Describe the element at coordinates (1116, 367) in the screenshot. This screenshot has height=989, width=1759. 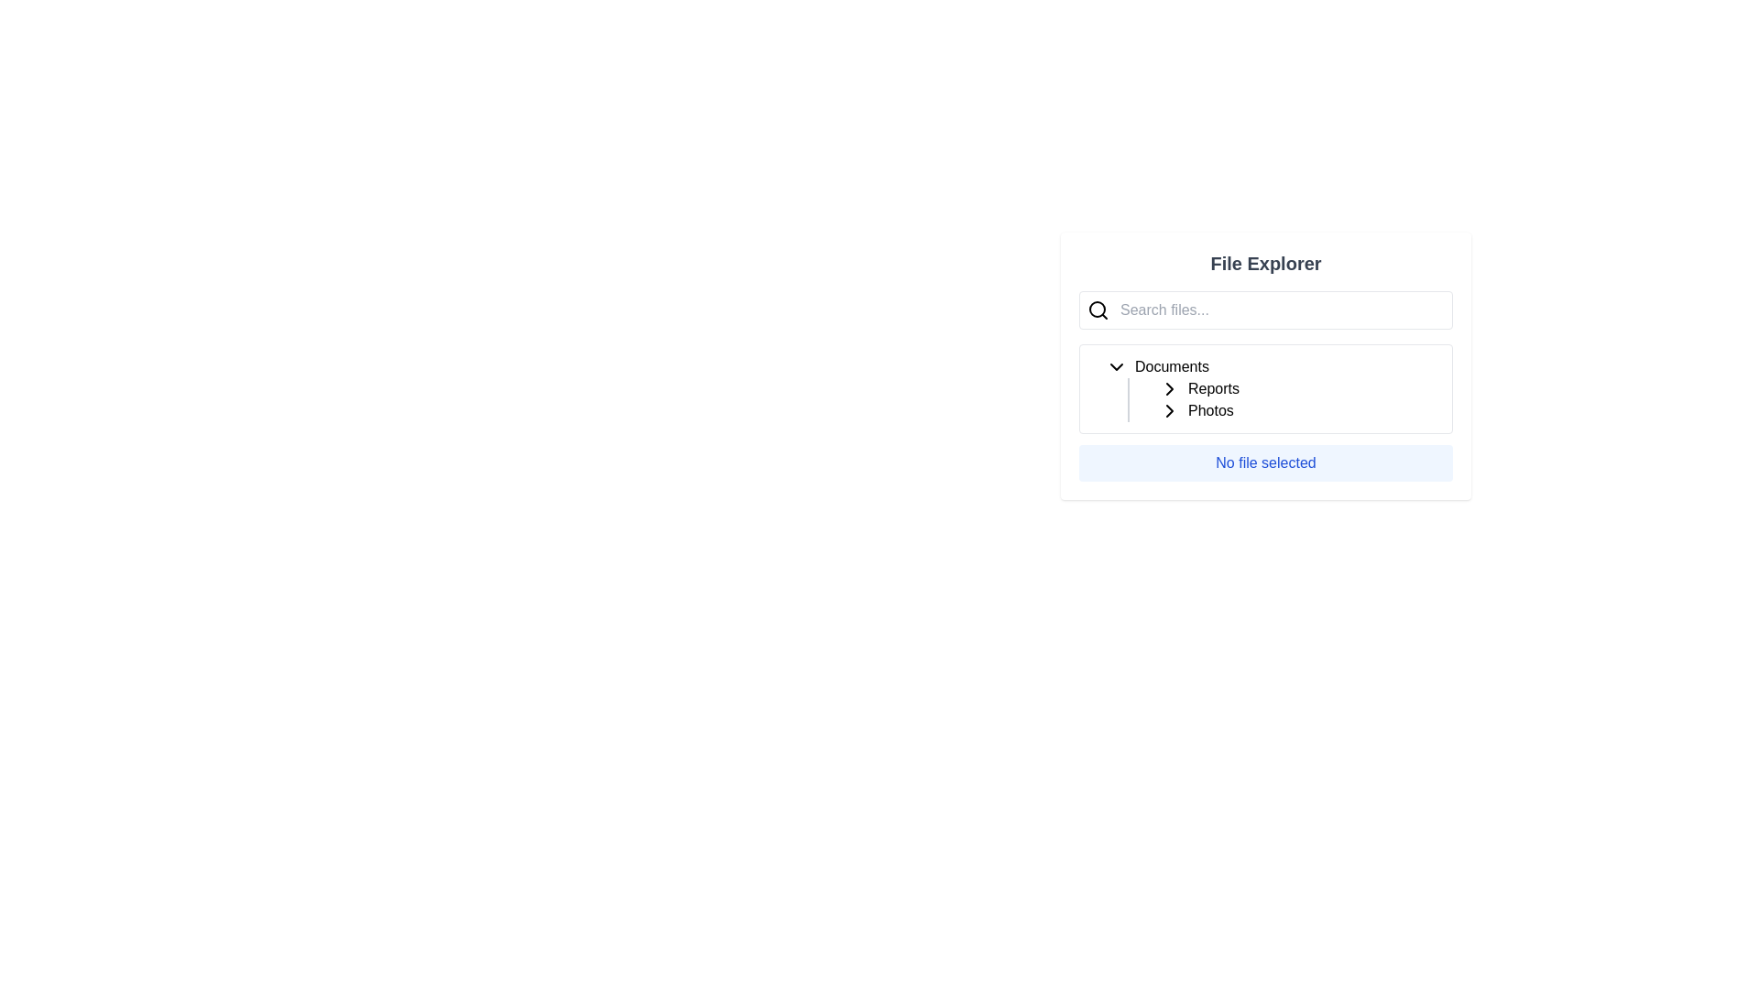
I see `the downward-facing chevron icon button located to the immediate left of the 'Documents' text label` at that location.